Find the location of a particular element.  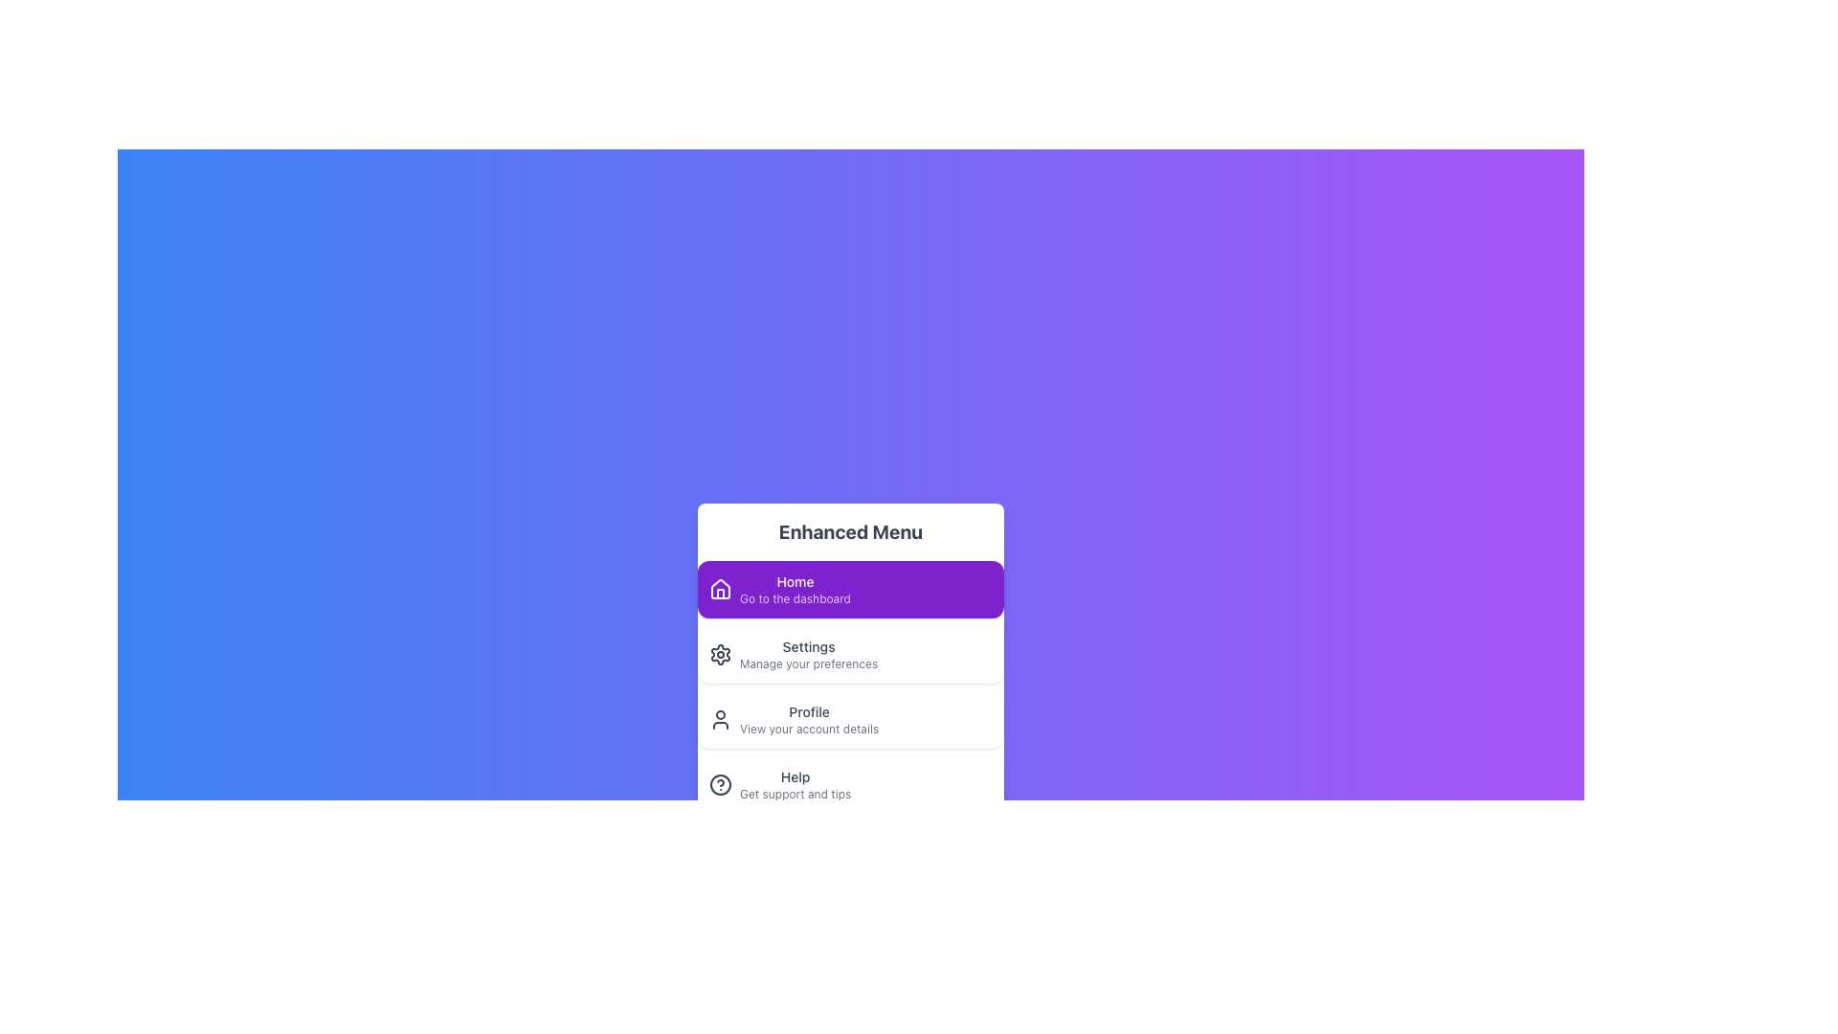

the 'Help' text label, which serves as the title for the adjacent menu item providing help and additional support or tips is located at coordinates (796, 777).